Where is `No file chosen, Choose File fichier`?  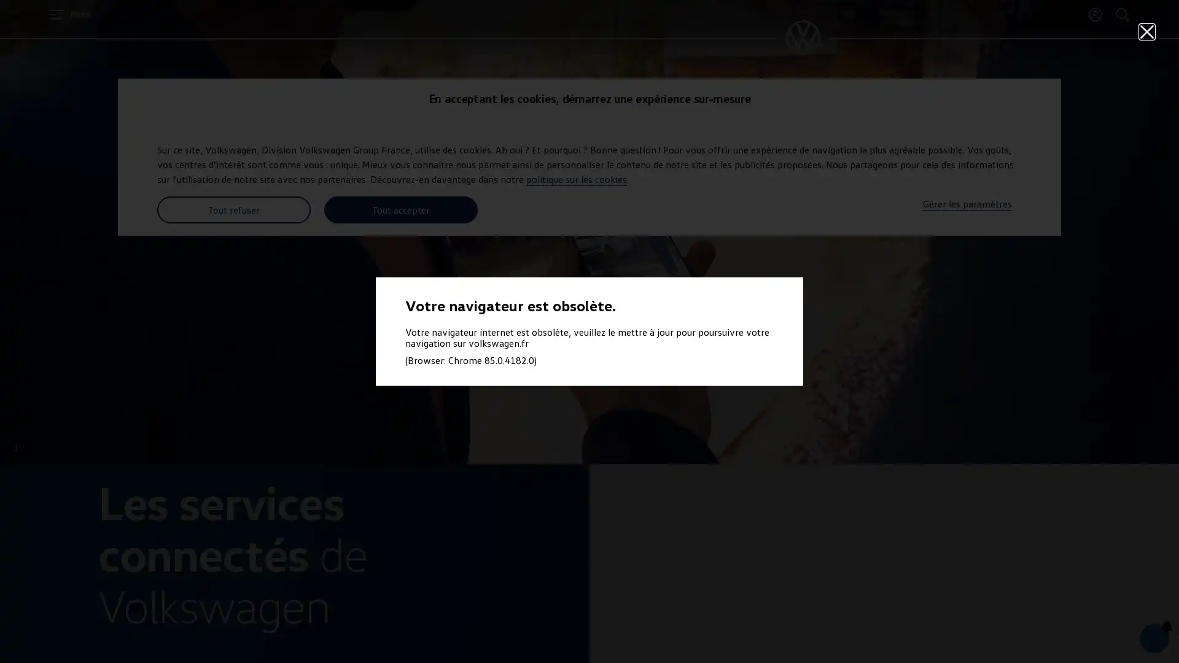
No file chosen, Choose File fichier is located at coordinates (1086, 630).